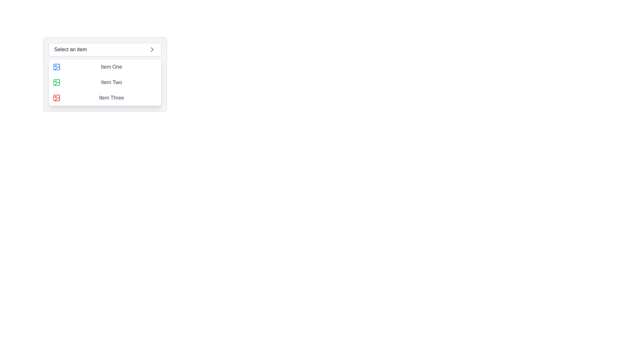  Describe the element at coordinates (57, 82) in the screenshot. I see `the icon representing 'Item Two' in the dropdown list, located at the far left of the text label in the second row, to provide visual cues for identification` at that location.